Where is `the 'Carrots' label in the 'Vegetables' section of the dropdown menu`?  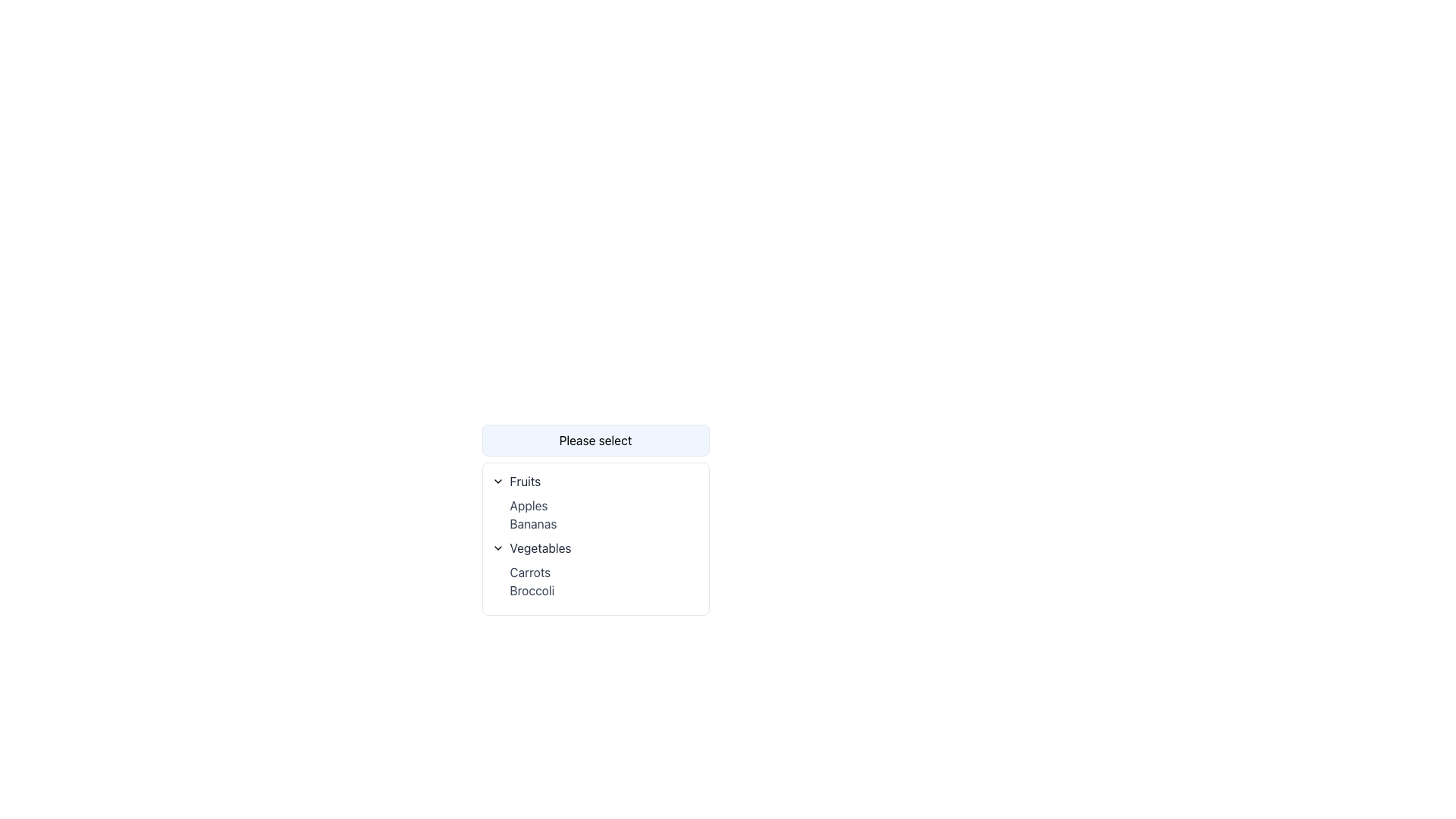 the 'Carrots' label in the 'Vegetables' section of the dropdown menu is located at coordinates (530, 573).